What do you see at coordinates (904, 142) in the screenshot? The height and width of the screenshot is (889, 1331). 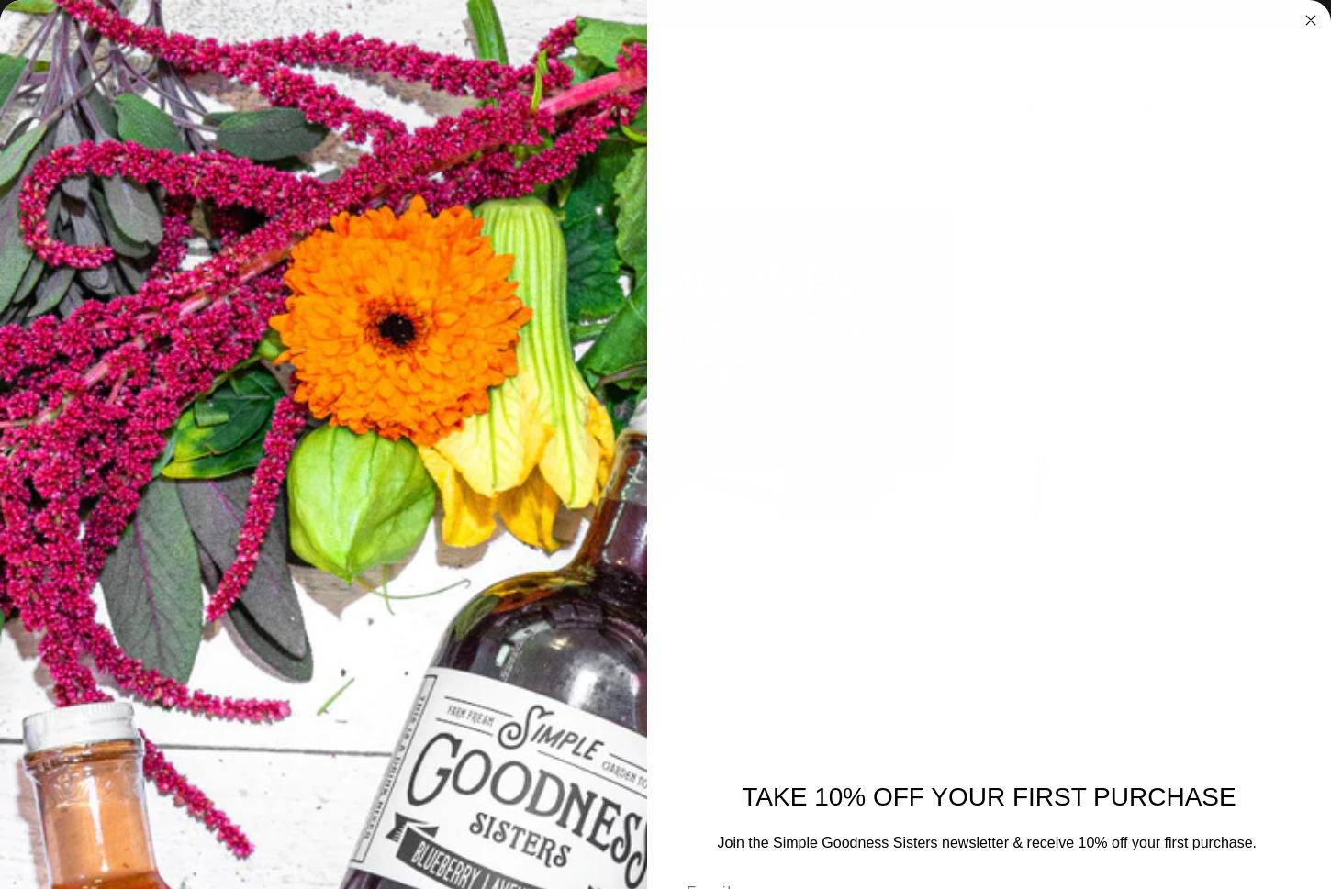 I see `'Our Story'` at bounding box center [904, 142].